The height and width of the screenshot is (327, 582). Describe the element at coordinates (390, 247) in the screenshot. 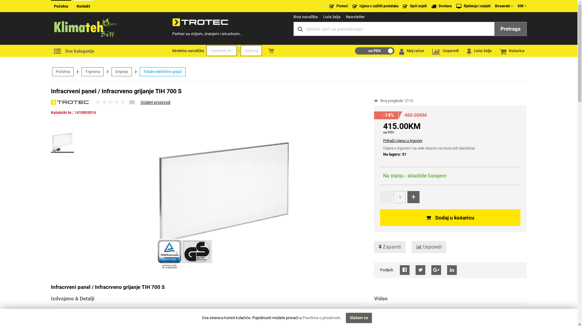

I see `'Zapamti'` at that location.